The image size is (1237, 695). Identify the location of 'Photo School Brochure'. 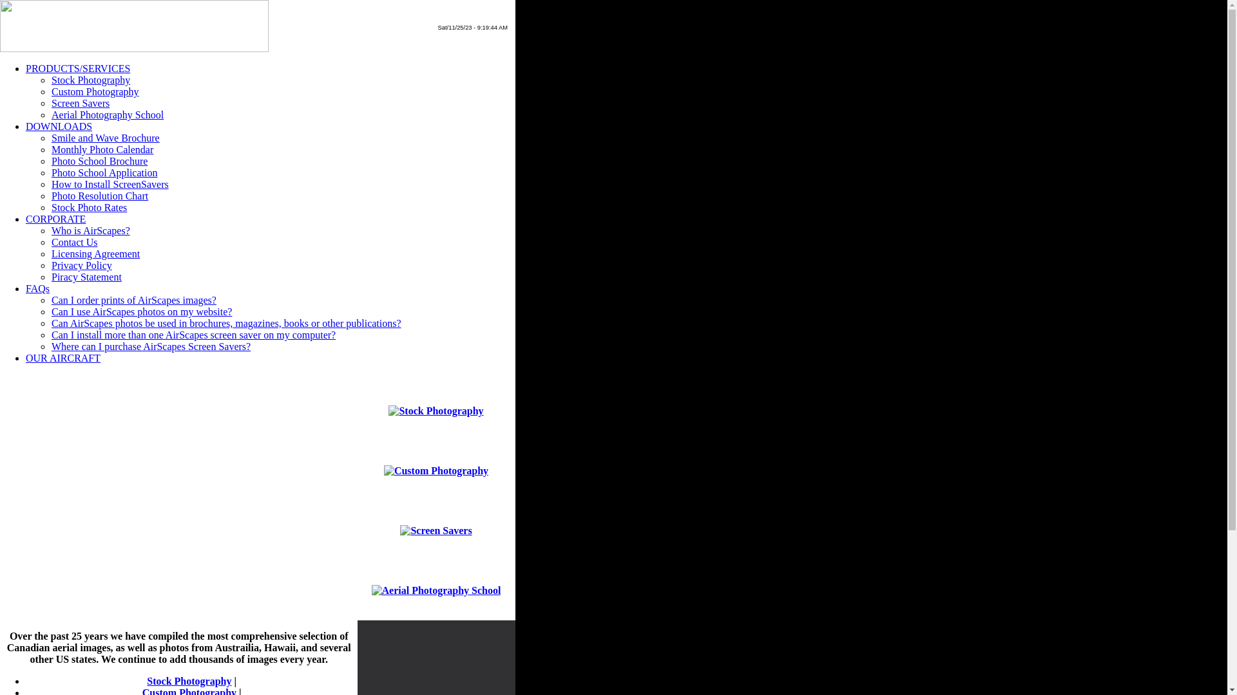
(99, 160).